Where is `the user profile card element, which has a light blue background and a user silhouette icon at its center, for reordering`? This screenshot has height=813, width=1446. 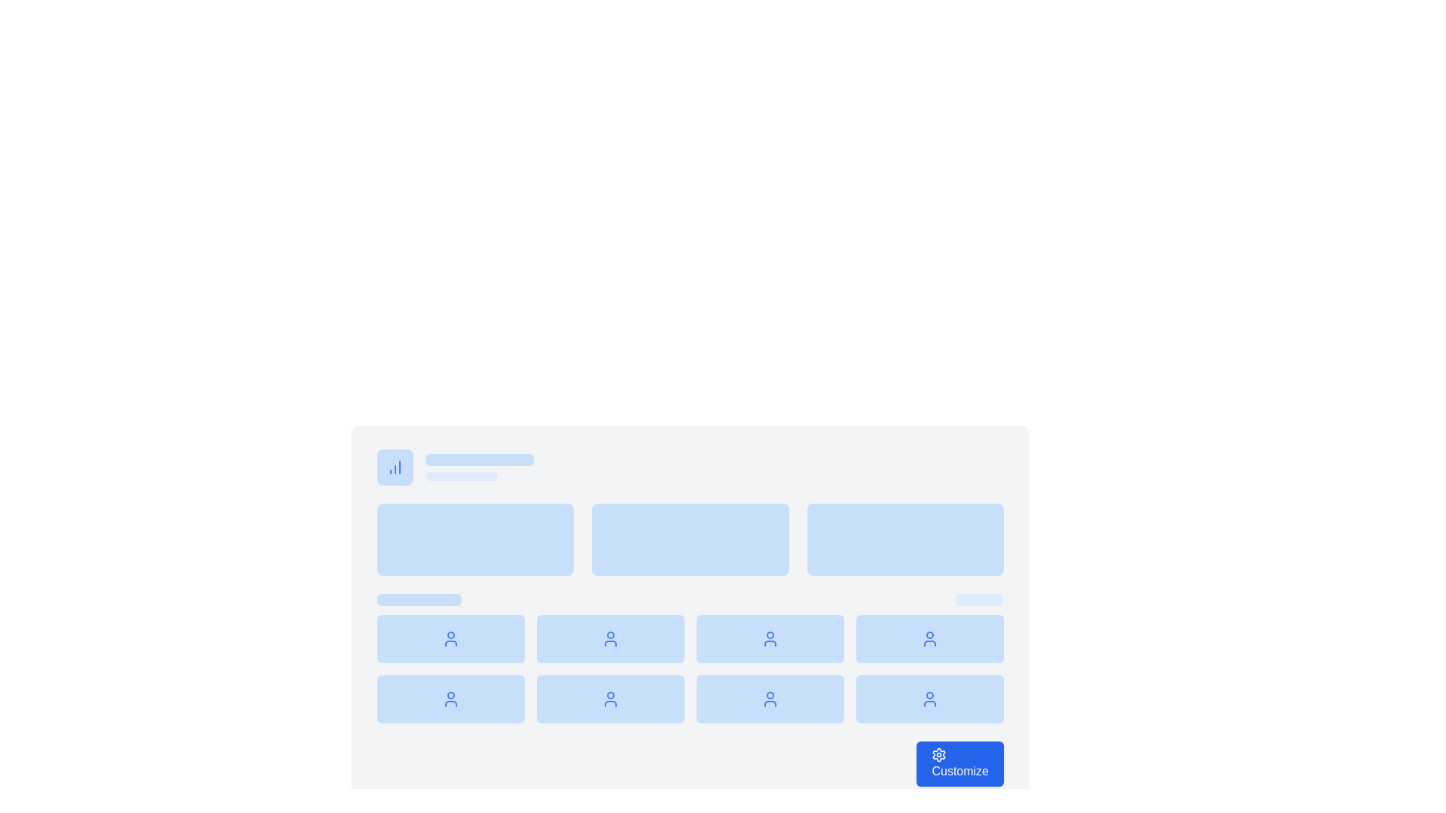 the user profile card element, which has a light blue background and a user silhouette icon at its center, for reordering is located at coordinates (770, 699).